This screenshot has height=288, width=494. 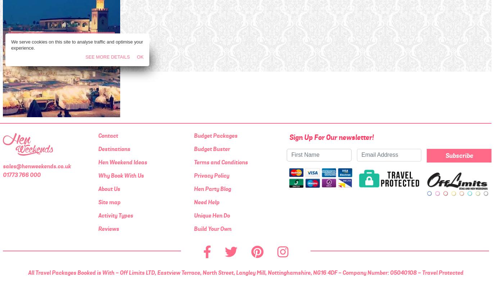 I want to click on 'All Travel Packages Booked is With - Off Limits LTD, Eastview Terrace, North Street, Langley Mill, Nottinghamshire, NG16 4DF  - Company Number: 05040108 - Travel Protected', so click(x=27, y=273).